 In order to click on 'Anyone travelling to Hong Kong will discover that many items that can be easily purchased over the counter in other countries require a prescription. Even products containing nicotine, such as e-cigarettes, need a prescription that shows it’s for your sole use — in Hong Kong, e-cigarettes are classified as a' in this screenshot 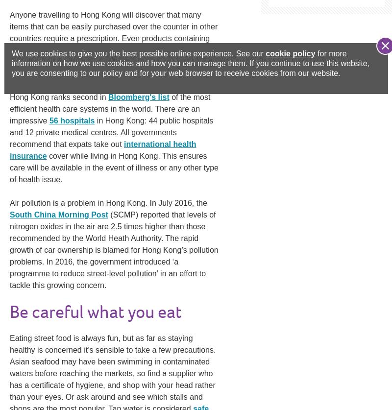, I will do `click(10, 44)`.